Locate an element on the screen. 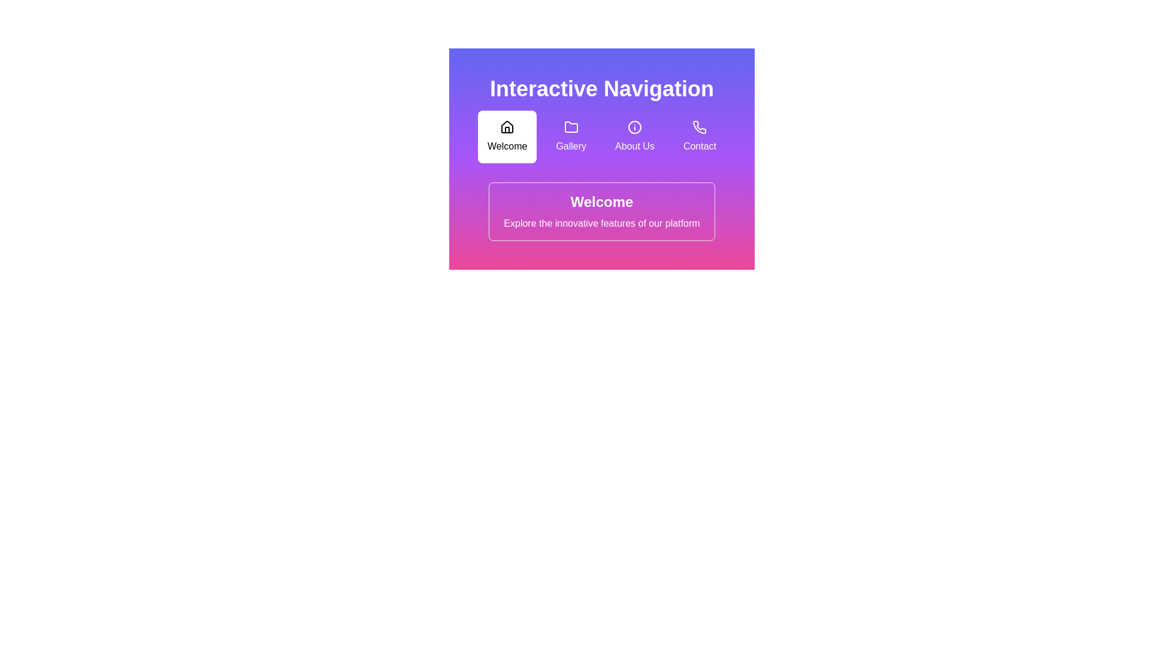 The width and height of the screenshot is (1150, 646). the navigation bar options ('Welcome', 'Gallery', 'About Us', 'Contact') in the Interactive Navigation component is located at coordinates (601, 159).